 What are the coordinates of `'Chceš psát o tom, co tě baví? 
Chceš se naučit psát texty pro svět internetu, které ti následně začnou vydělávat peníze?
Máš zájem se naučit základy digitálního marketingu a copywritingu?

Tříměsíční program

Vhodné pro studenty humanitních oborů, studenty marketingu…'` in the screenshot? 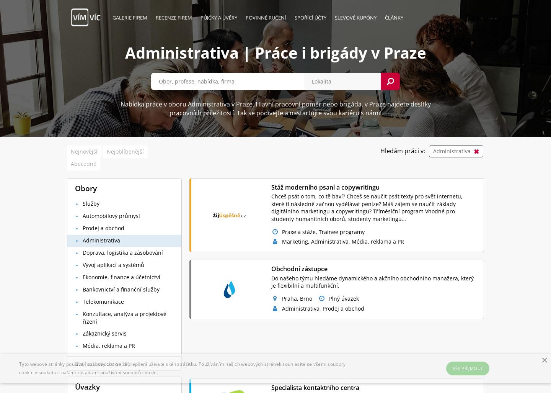 It's located at (367, 207).